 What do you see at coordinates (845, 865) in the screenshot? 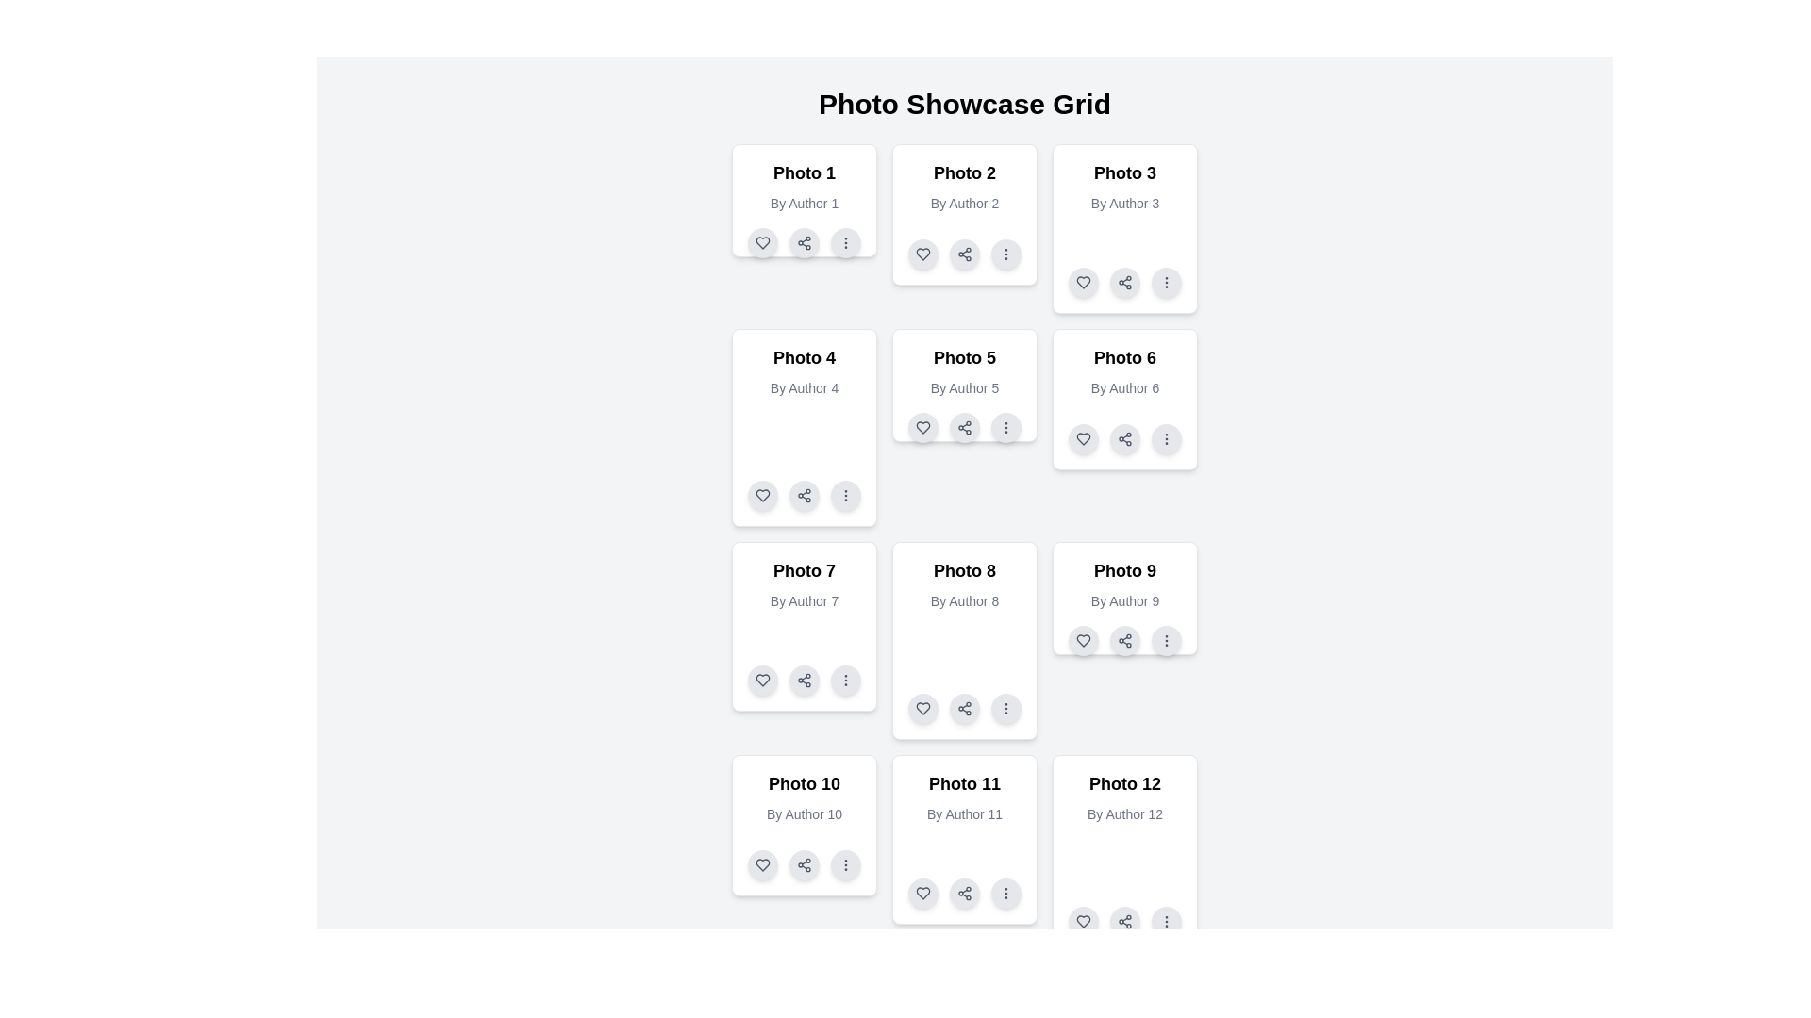
I see `the circular button with an ellipsis icon located at the bottom right corner of the card labeled 'Photo 10, By Author 10'` at bounding box center [845, 865].